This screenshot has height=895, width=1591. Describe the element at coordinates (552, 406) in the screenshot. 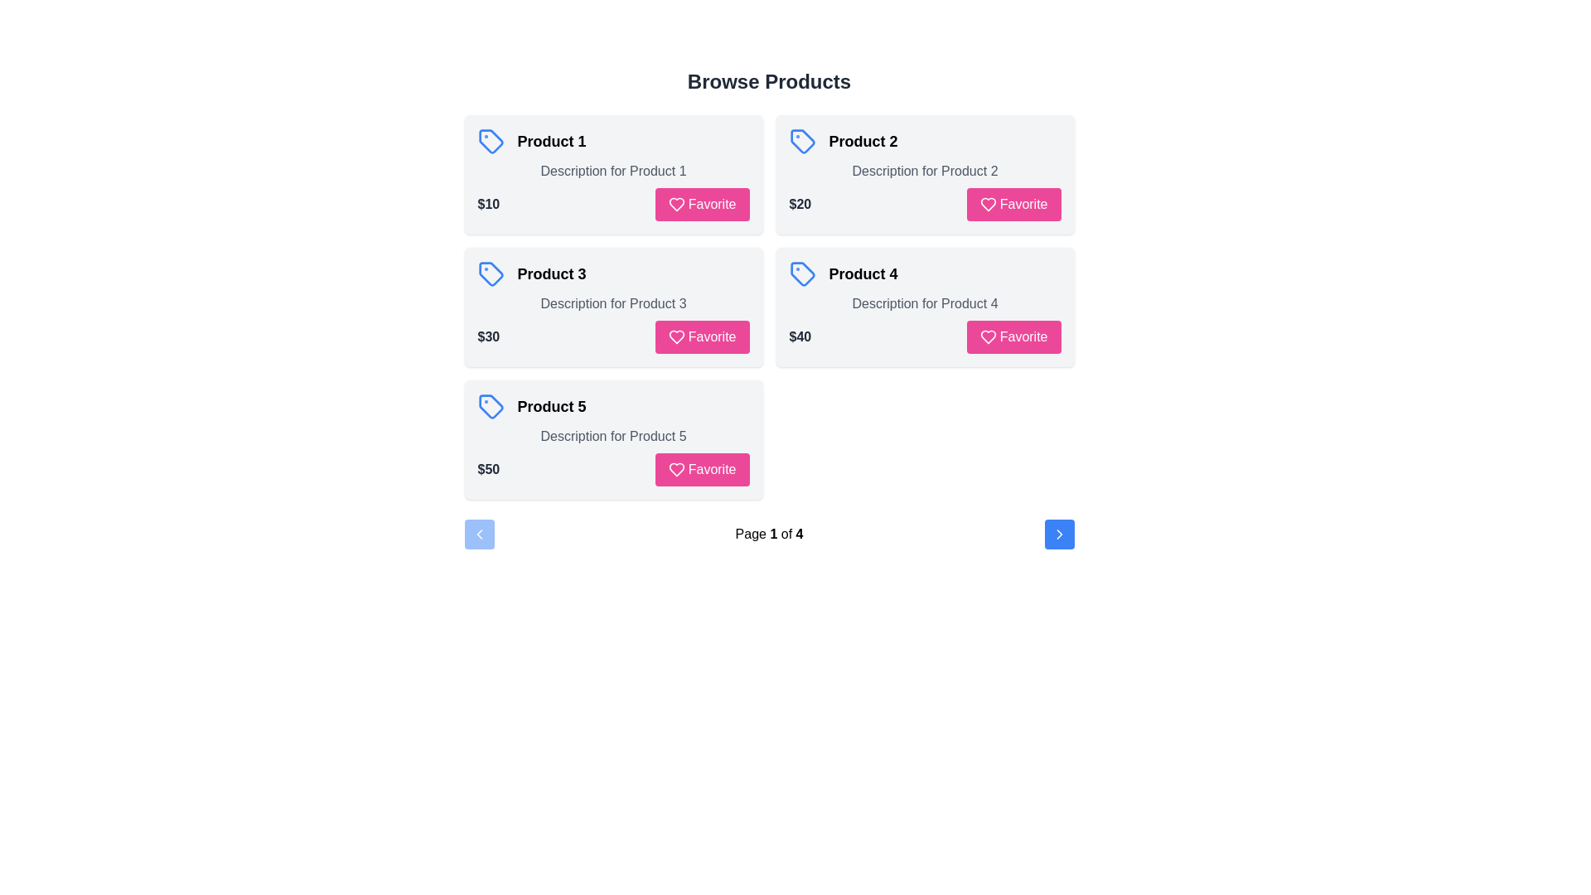

I see `the text label 'Product 5'` at that location.